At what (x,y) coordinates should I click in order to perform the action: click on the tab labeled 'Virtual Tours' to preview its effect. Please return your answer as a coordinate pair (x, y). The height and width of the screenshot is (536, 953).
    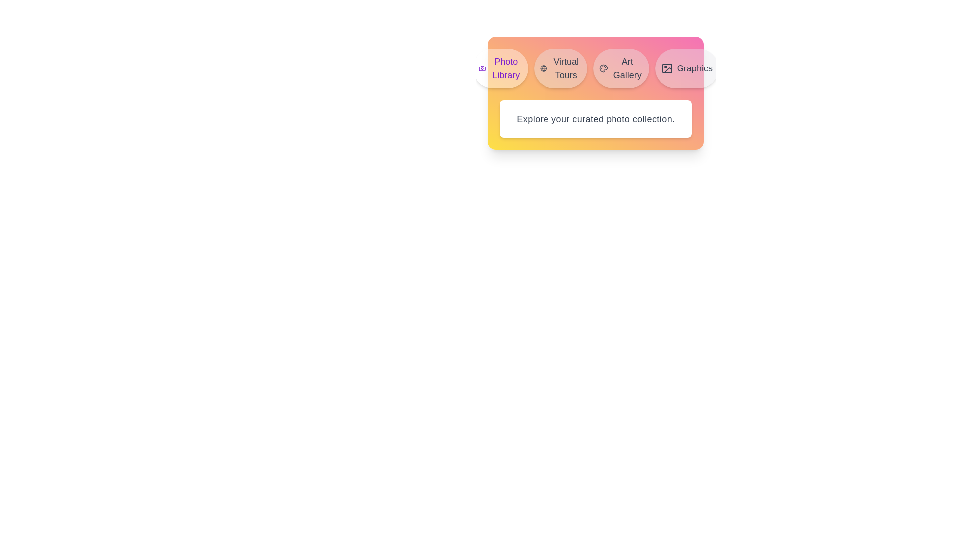
    Looking at the image, I should click on (560, 68).